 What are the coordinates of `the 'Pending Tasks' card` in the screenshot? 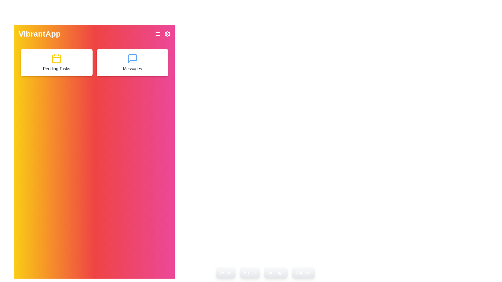 It's located at (56, 62).